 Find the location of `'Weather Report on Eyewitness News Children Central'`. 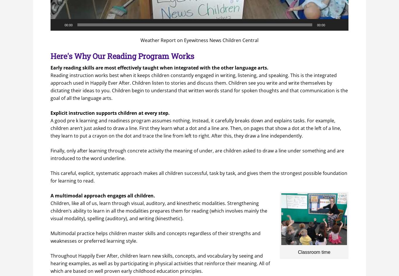

'Weather Report on Eyewitness News Children Central' is located at coordinates (199, 40).